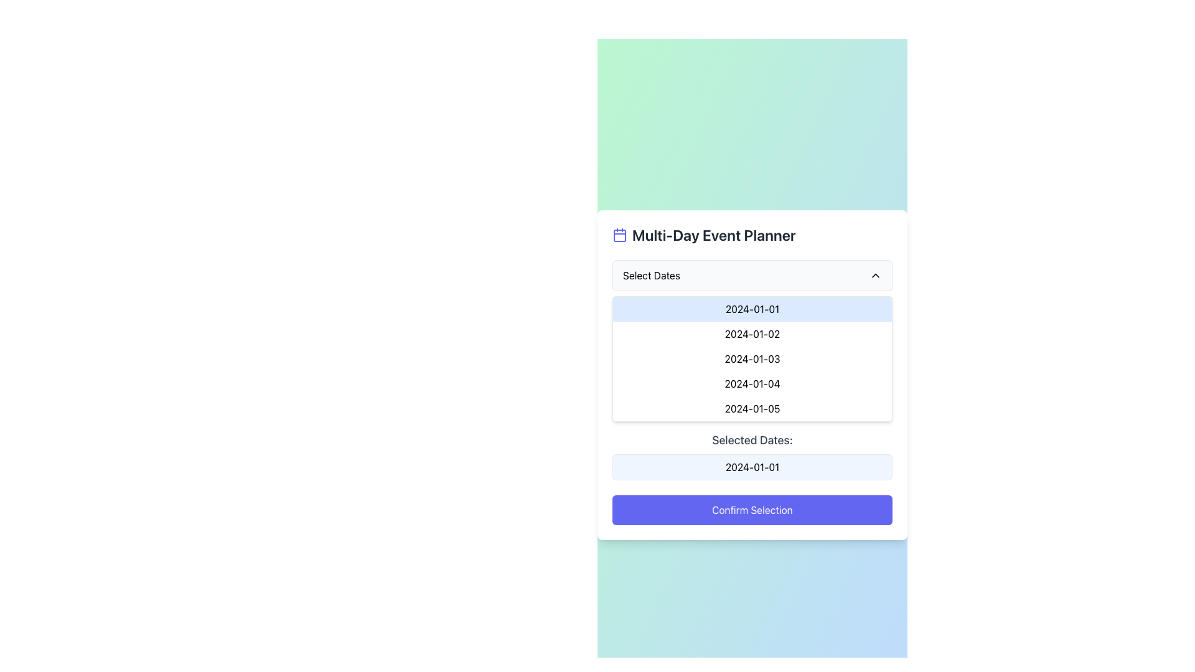  I want to click on the first selectable date option in the dropdown menu, so click(752, 309).